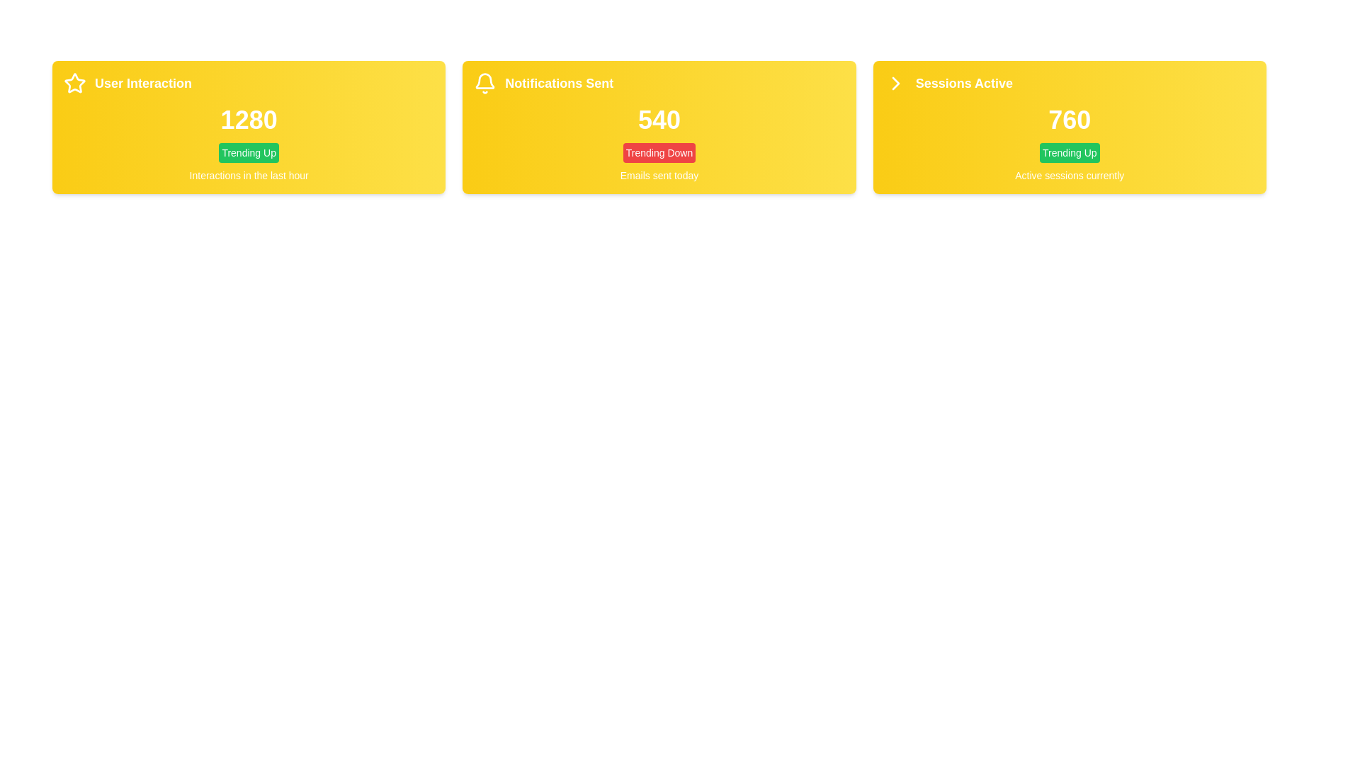  I want to click on the style and positioning of the 'chevron right' graphic icon aligned within the leftmost area of the 'Sessions Active' card, which is on the rightmost side of a row of three yellow cards, so click(895, 84).